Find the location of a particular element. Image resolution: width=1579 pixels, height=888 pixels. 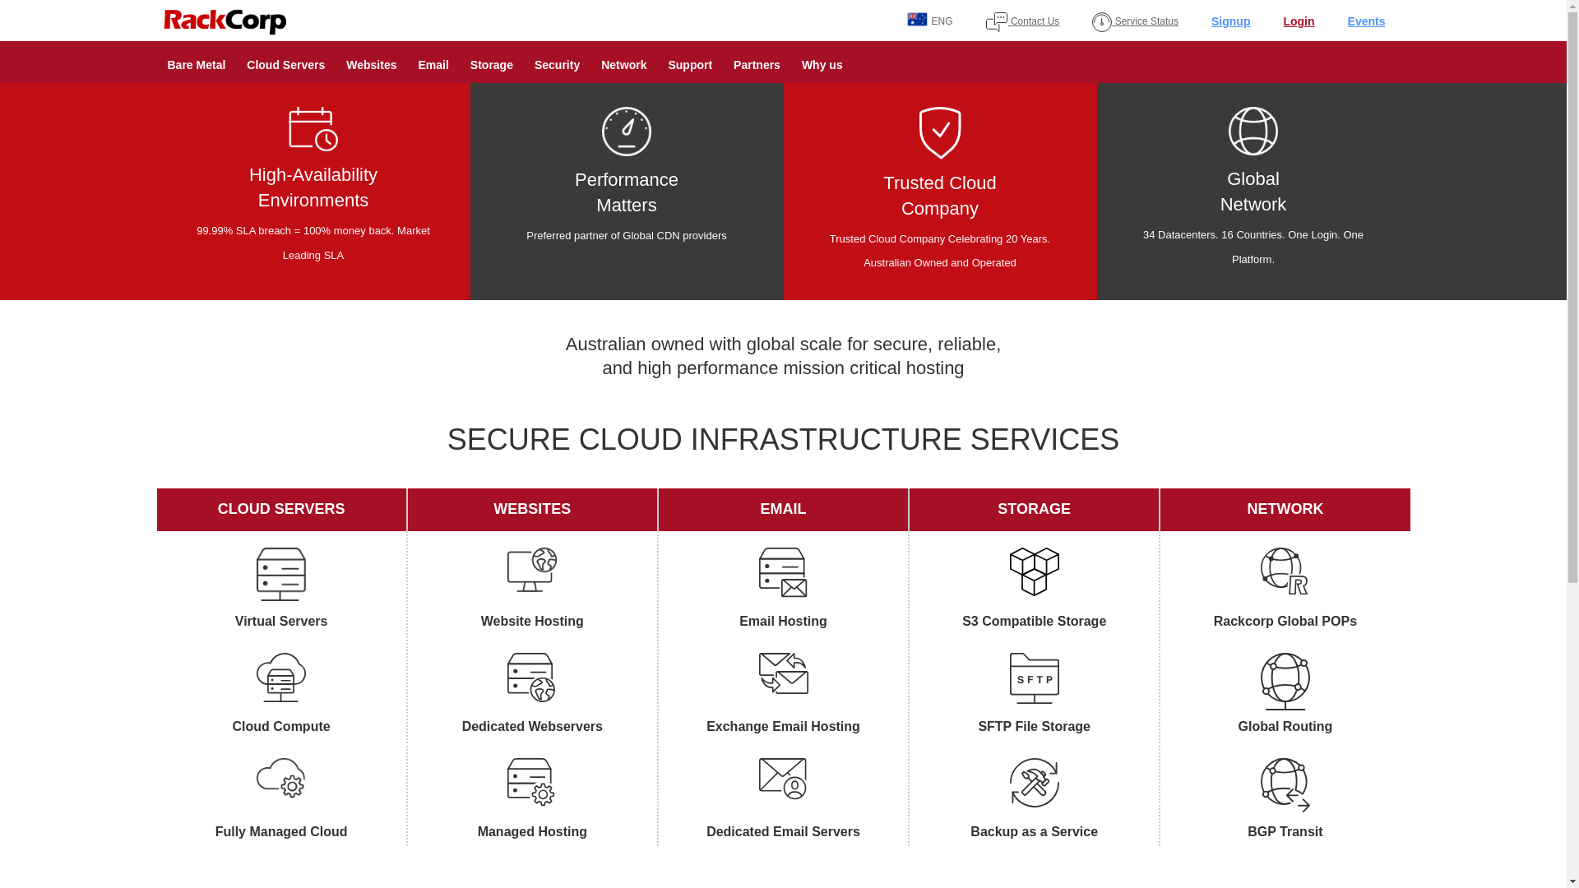

'higher availability' is located at coordinates (288, 128).